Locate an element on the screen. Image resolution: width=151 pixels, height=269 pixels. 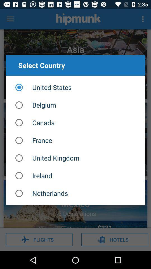
icon above ireland icon is located at coordinates (75, 158).